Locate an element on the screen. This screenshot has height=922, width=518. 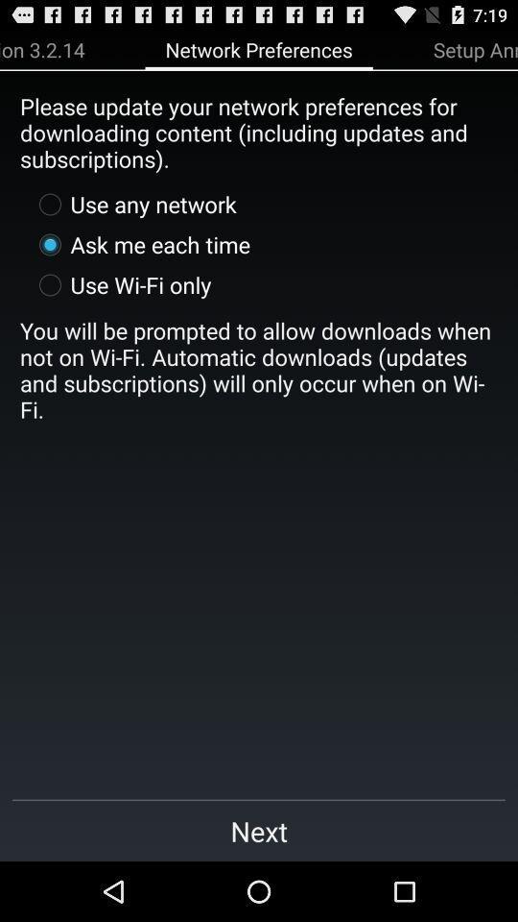
the next button is located at coordinates (259, 830).